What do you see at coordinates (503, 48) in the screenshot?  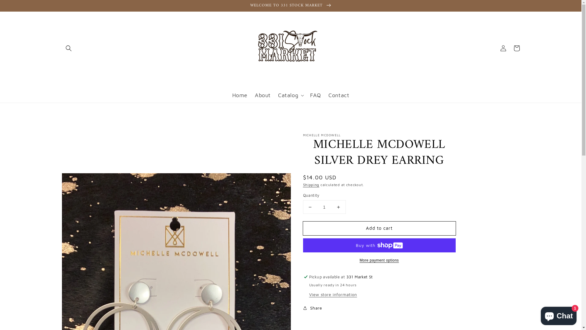 I see `'Log in'` at bounding box center [503, 48].